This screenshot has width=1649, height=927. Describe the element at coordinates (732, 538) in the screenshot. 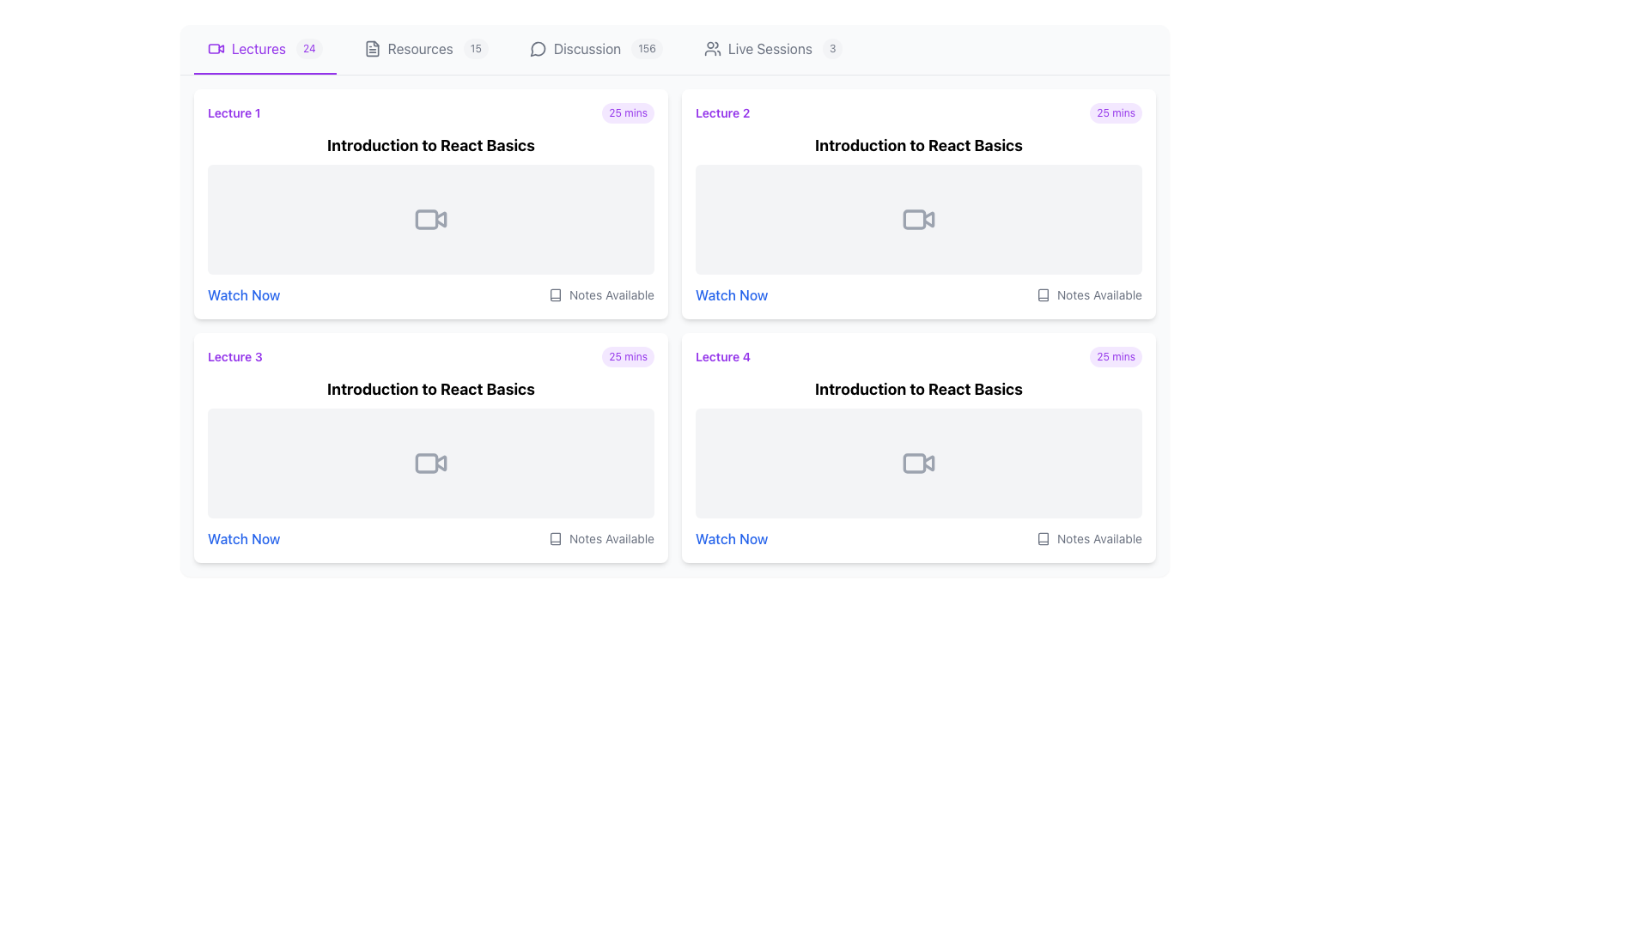

I see `the text link styled in blue with the text 'Watch Now', located at the bottom-left corner of the 'Lecture 4' card layout` at that location.